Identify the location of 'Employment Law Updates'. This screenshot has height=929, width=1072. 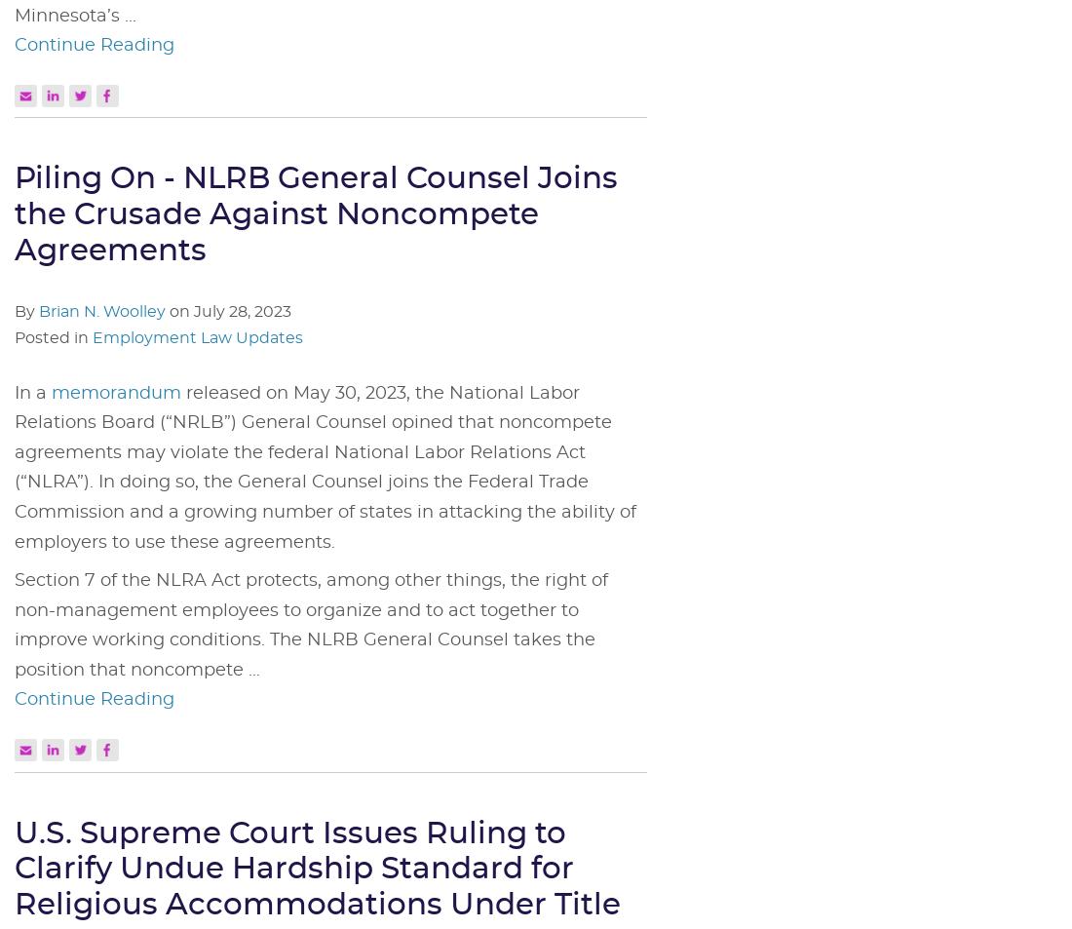
(196, 336).